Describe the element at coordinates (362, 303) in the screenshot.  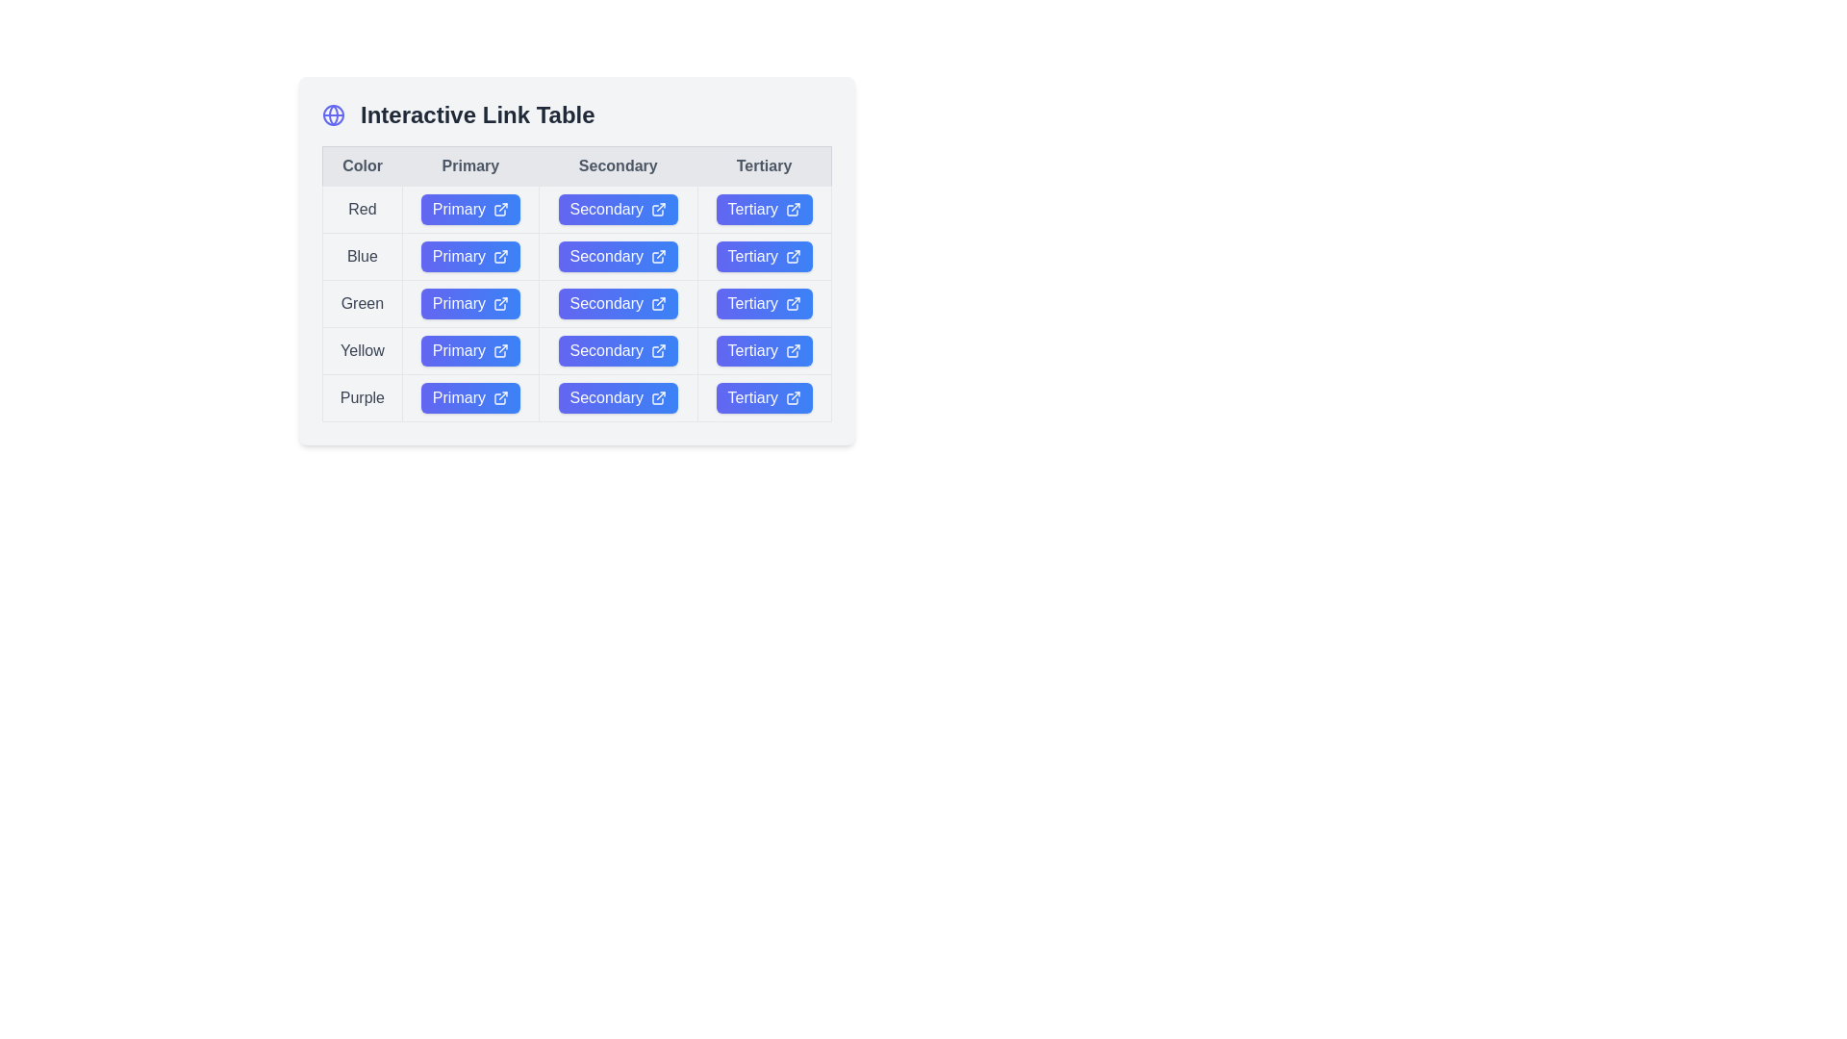
I see `the text label reading 'Green' located in the third row under the 'Color' column of the table layout` at that location.